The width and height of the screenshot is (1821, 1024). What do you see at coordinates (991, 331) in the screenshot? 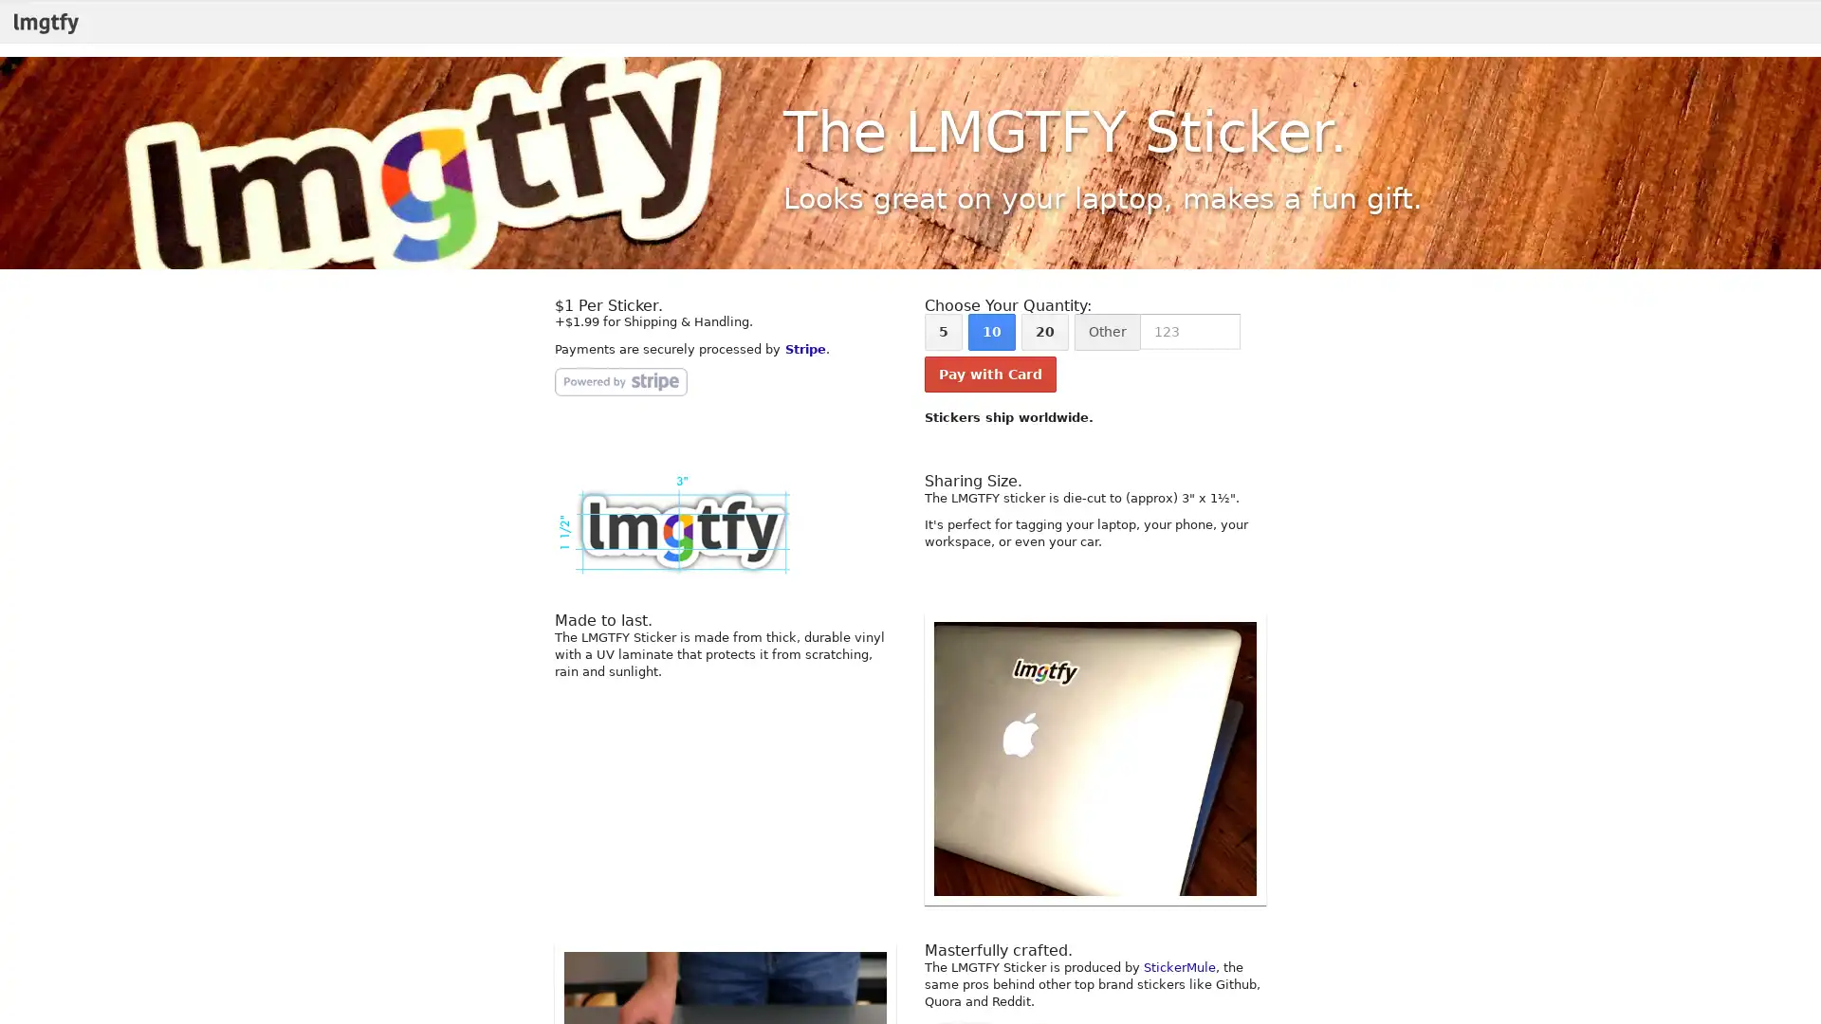
I see `10` at bounding box center [991, 331].